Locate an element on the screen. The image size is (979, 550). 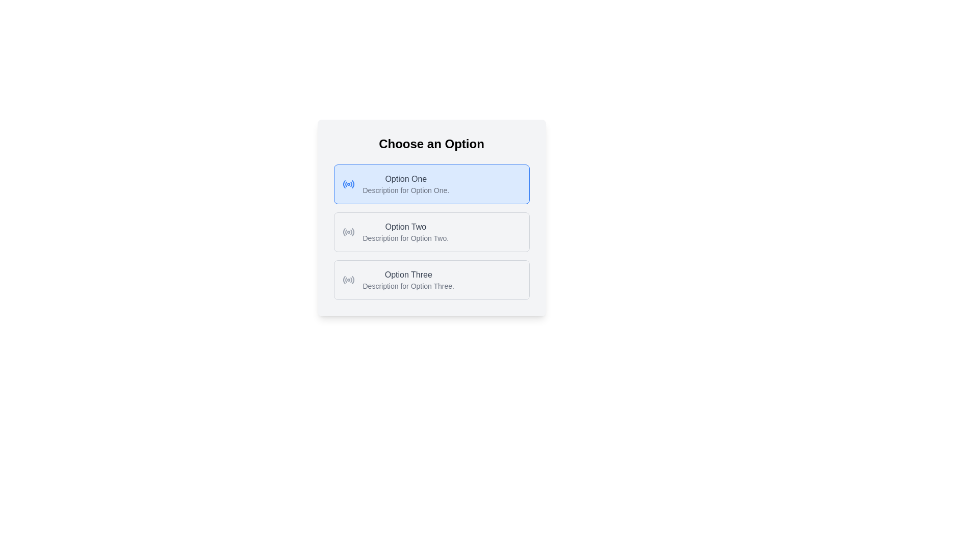
the second selectable option in a vertical list of three options is located at coordinates (405, 232).